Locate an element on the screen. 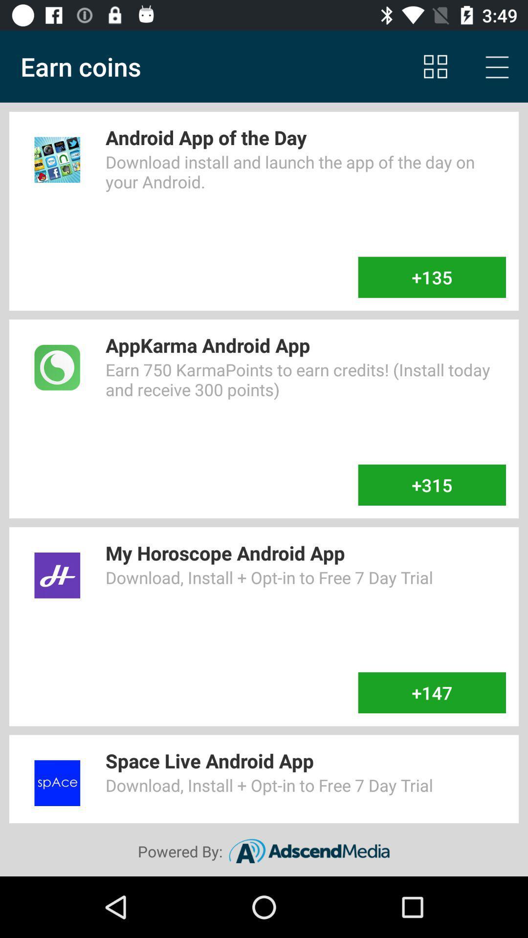 This screenshot has width=528, height=938. the item below the download install and icon is located at coordinates (431, 277).